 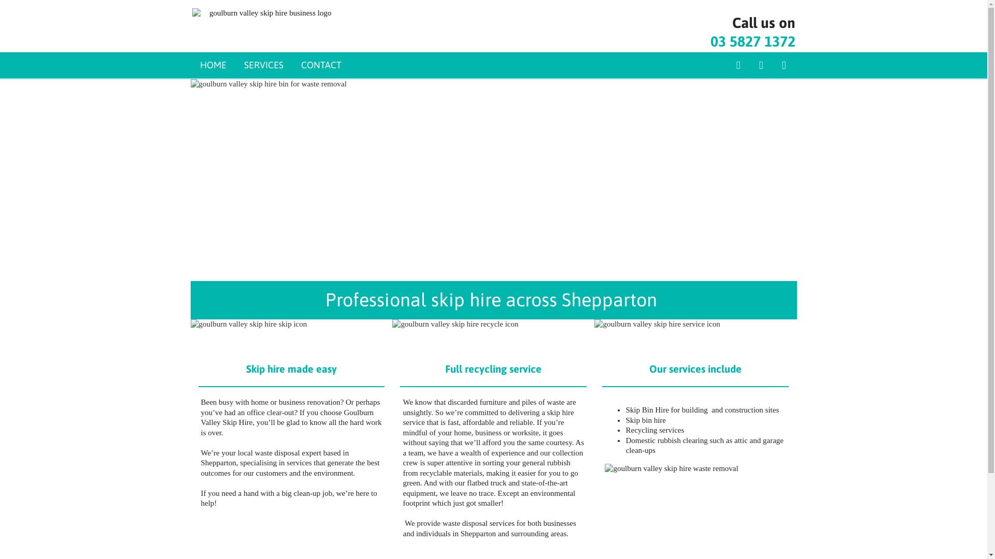 What do you see at coordinates (695, 333) in the screenshot?
I see `'goulburn valley skip hire service icon'` at bounding box center [695, 333].